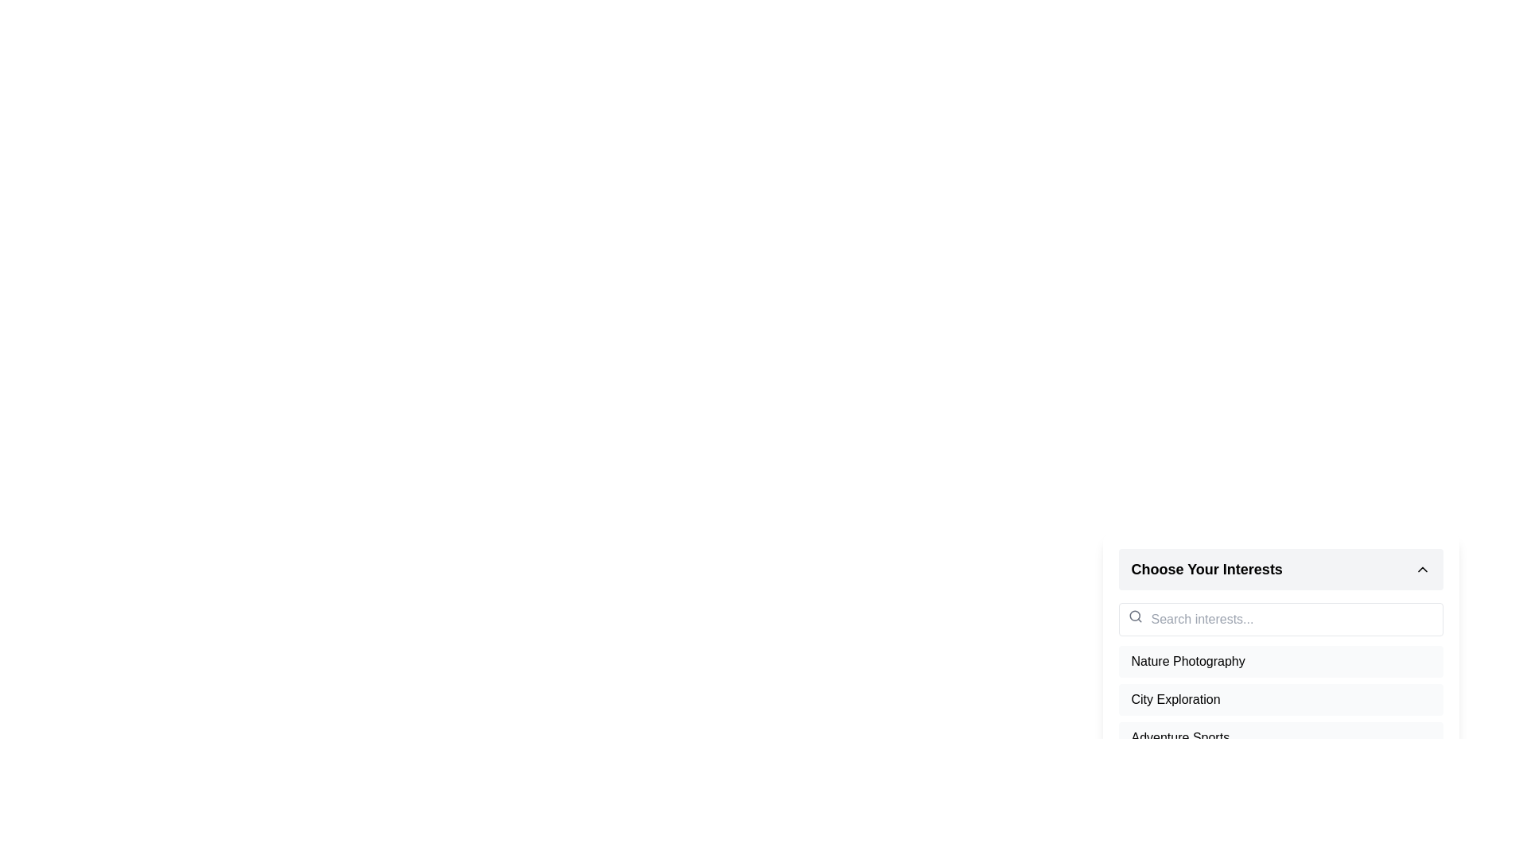  What do you see at coordinates (1188, 662) in the screenshot?
I see `the 'Nature Photography' text label` at bounding box center [1188, 662].